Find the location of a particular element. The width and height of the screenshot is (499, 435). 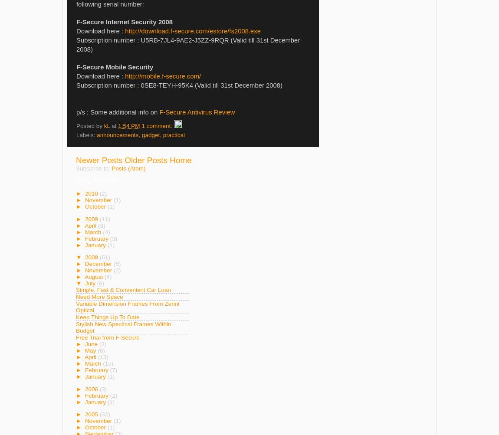

'http://download.f-secure.com/estore/fs2008.exe' is located at coordinates (124, 31).